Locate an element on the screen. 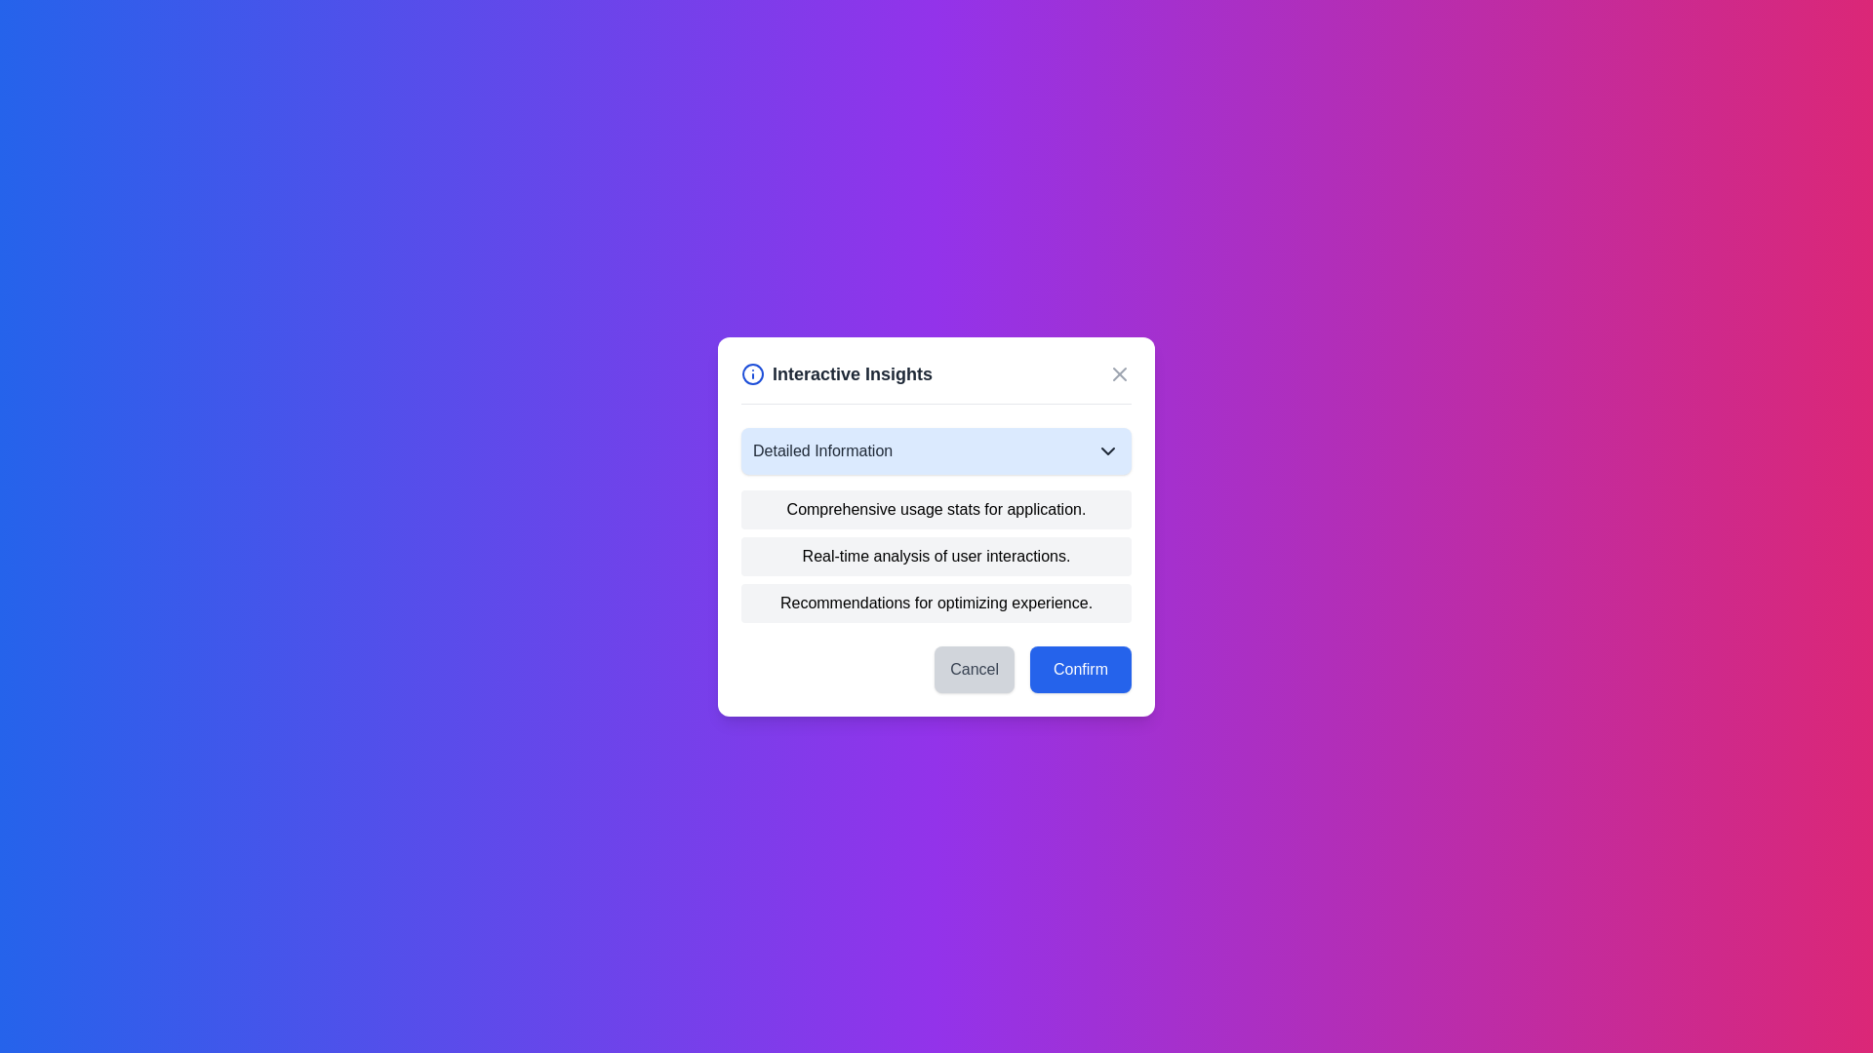 The width and height of the screenshot is (1873, 1053). the header area containing the blue circular icon with an 'i' symbol and the bold text 'Interactive Insights' is located at coordinates (837, 373).